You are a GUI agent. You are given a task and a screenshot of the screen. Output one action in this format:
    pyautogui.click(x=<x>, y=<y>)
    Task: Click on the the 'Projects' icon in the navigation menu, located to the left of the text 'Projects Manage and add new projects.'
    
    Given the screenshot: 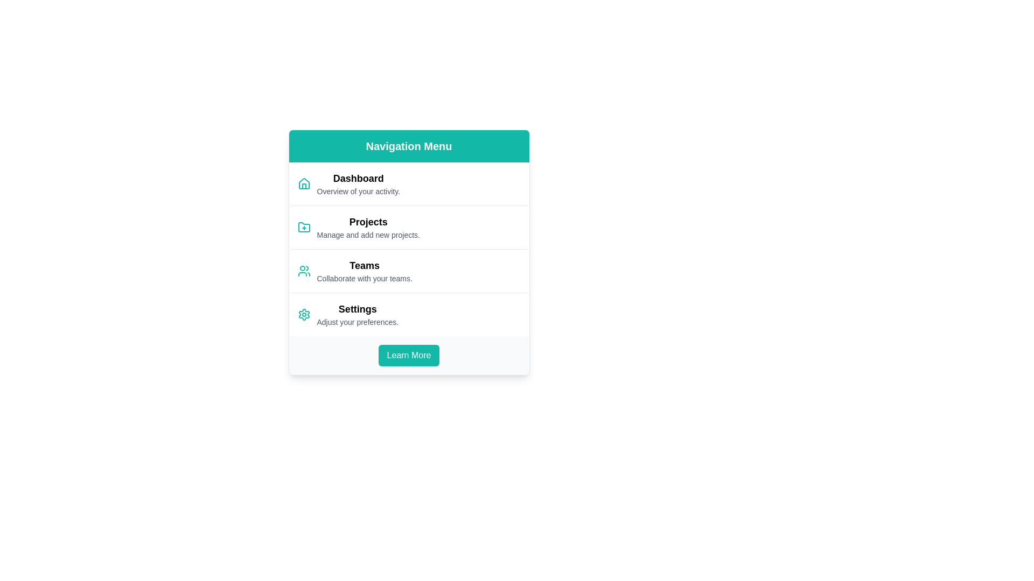 What is the action you would take?
    pyautogui.click(x=303, y=227)
    